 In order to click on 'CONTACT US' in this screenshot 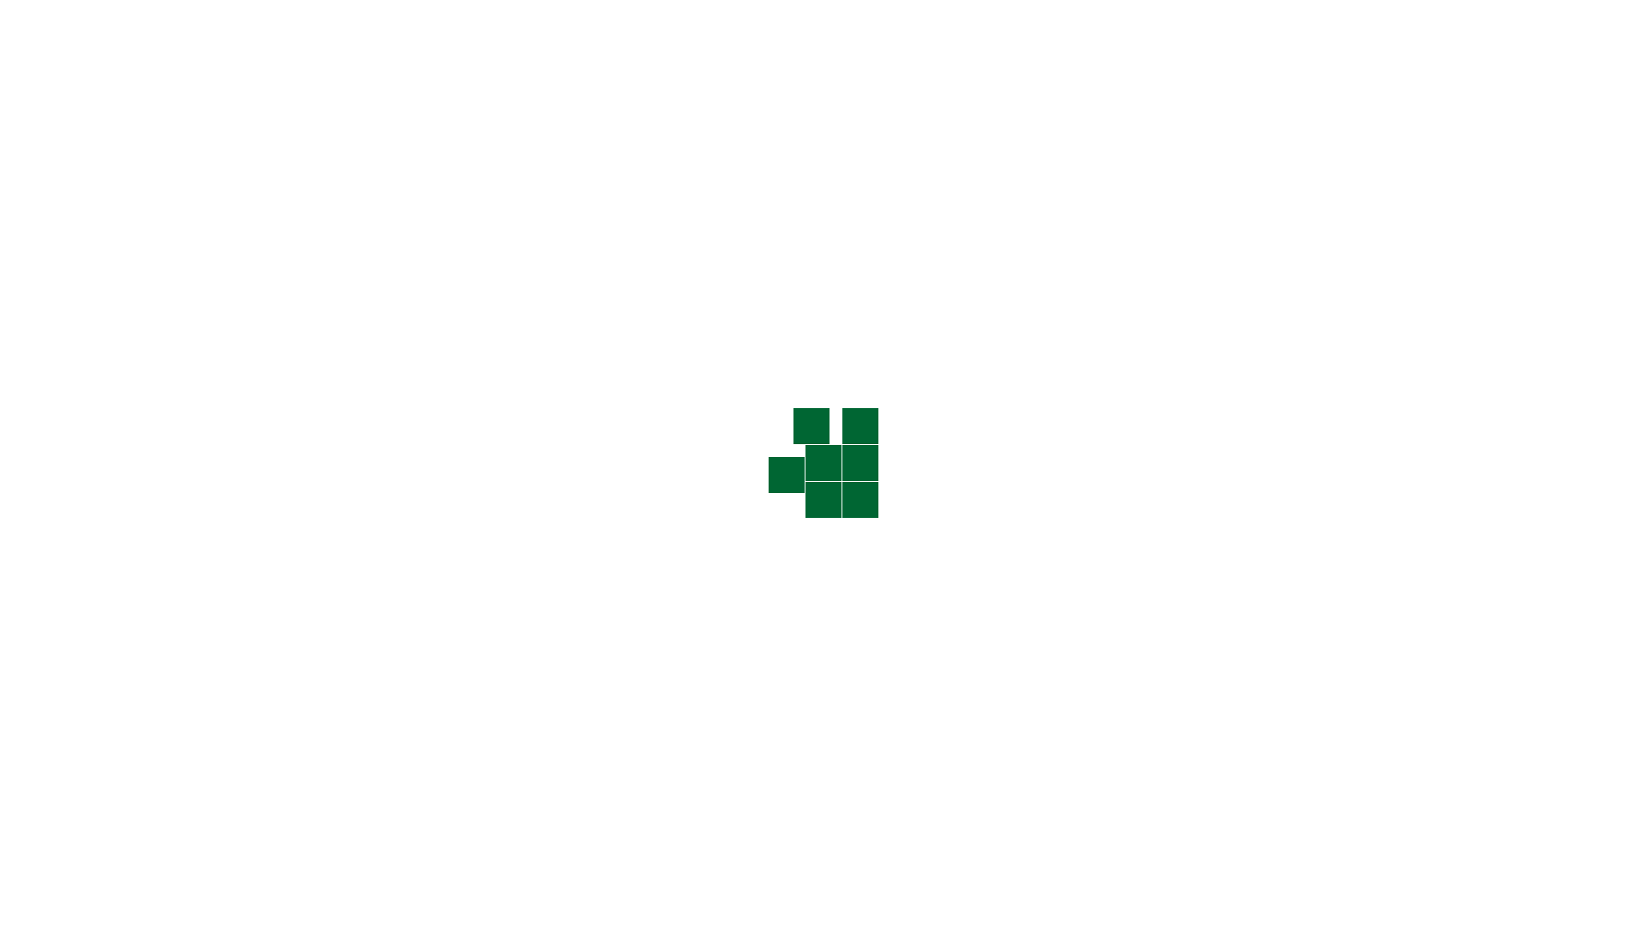, I will do `click(1110, 72)`.